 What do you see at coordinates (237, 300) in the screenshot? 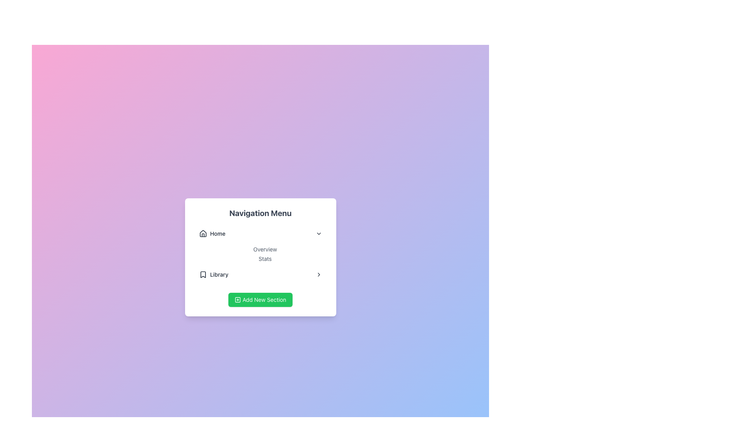
I see `the icon located to the left of the 'Add New Section' green button, which visually reinforces the action of adding a new section` at bounding box center [237, 300].